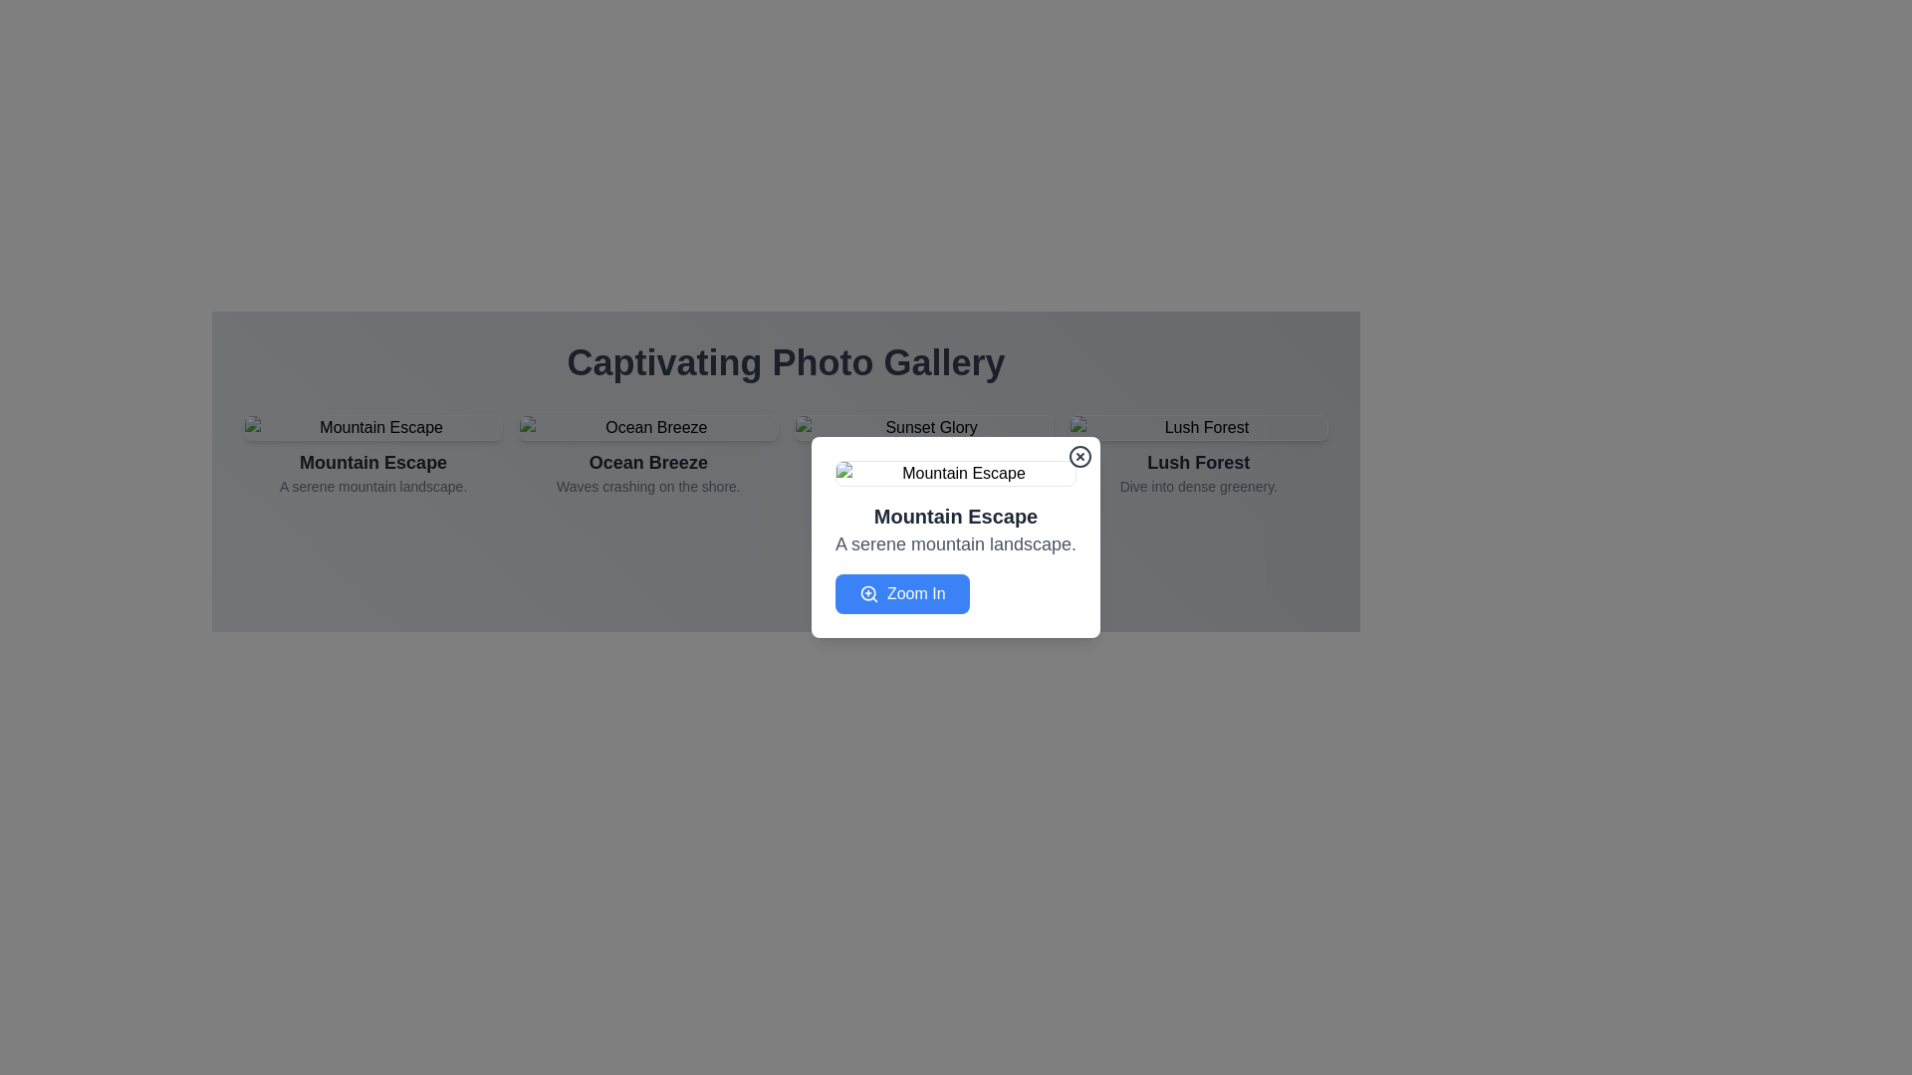  What do you see at coordinates (373, 472) in the screenshot?
I see `the descriptive text block located beneath the title of the image labeled 'Mountain Escape' in the photo gallery layout` at bounding box center [373, 472].